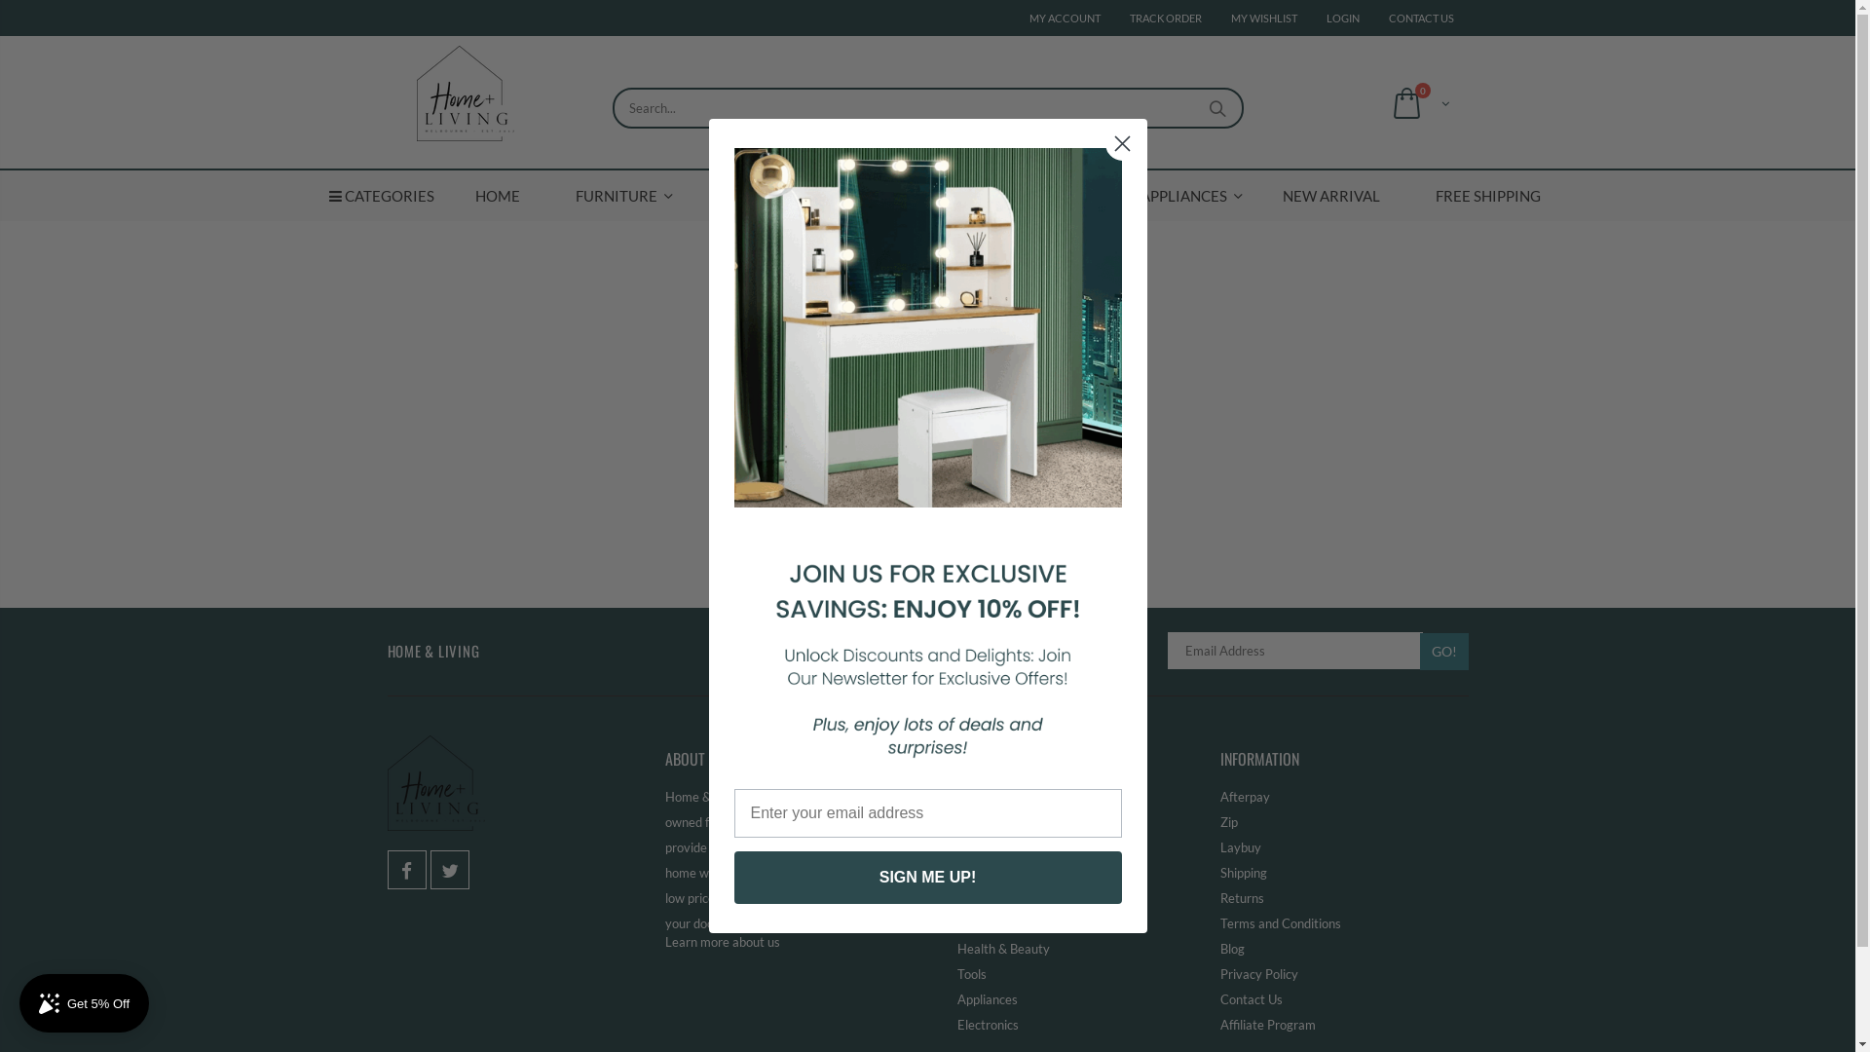 The image size is (1870, 1052). Describe the element at coordinates (616, 195) in the screenshot. I see `'FURNITURE'` at that location.